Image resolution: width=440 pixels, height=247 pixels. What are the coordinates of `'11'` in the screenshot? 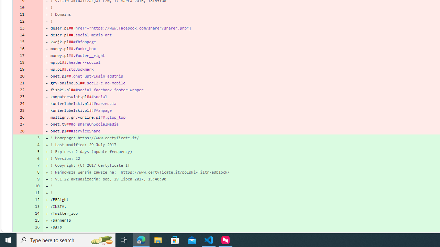 It's located at (35, 192).